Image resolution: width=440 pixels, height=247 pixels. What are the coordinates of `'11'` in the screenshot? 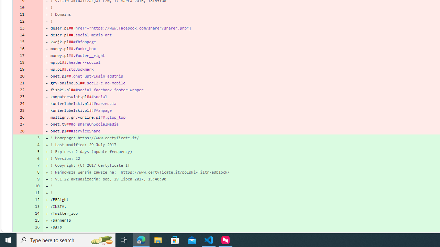 It's located at (35, 192).